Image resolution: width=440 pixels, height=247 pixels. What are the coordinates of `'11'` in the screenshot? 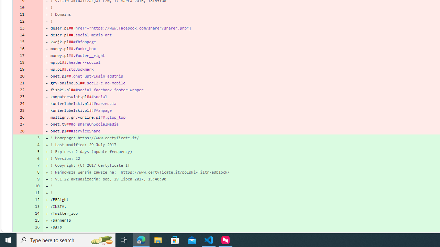 It's located at (35, 192).